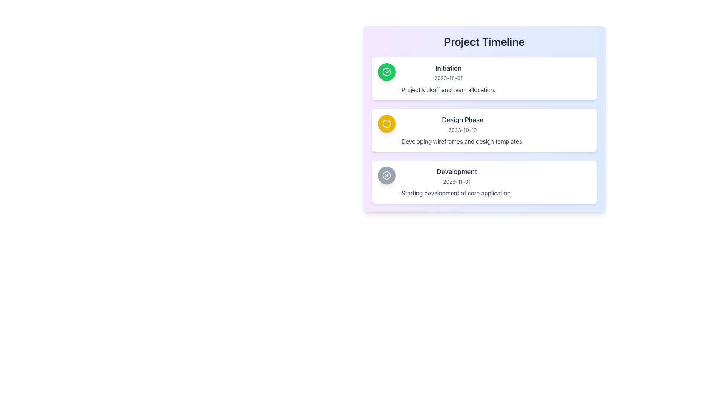  I want to click on the circular icon with a bright yellow background and a white hollow circle, located at the left edge of the 'Design Phase' card in the project timeline view, so click(386, 123).